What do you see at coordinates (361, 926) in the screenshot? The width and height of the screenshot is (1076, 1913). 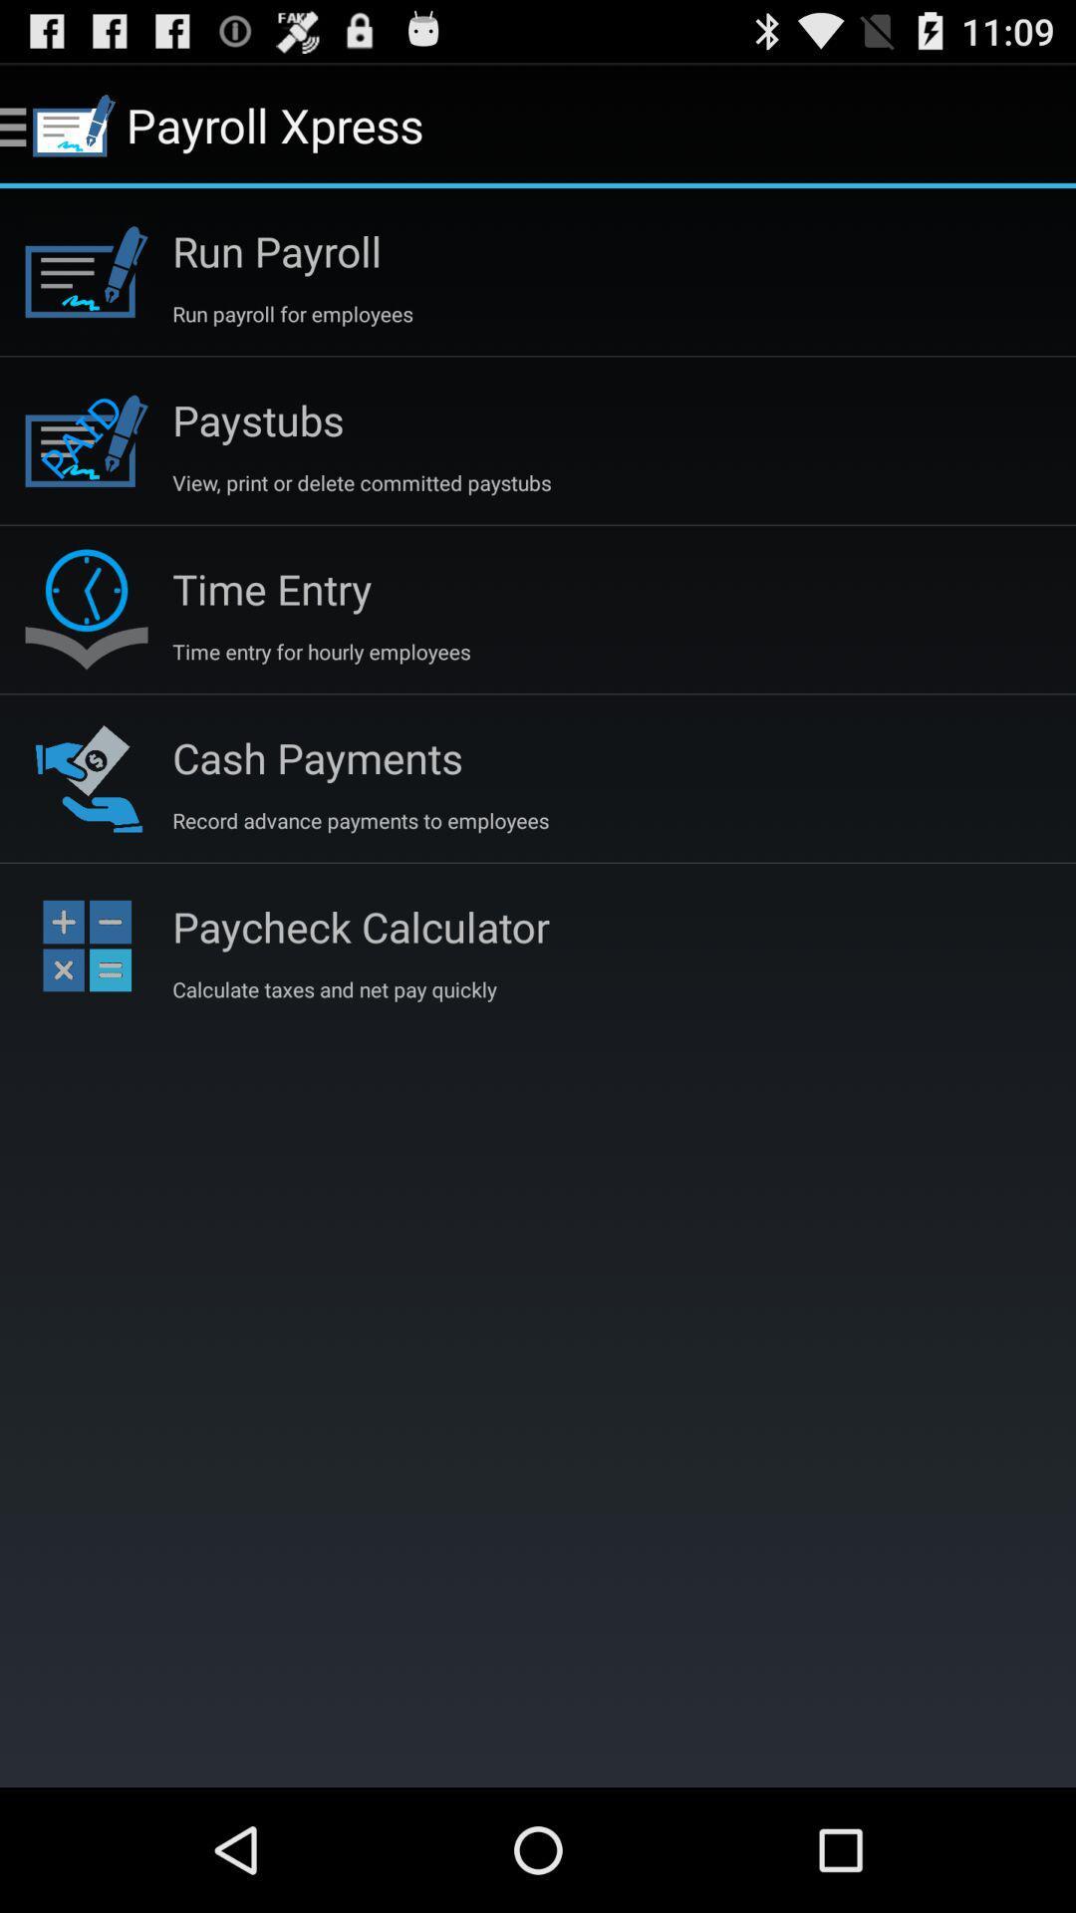 I see `paycheck calculator icon` at bounding box center [361, 926].